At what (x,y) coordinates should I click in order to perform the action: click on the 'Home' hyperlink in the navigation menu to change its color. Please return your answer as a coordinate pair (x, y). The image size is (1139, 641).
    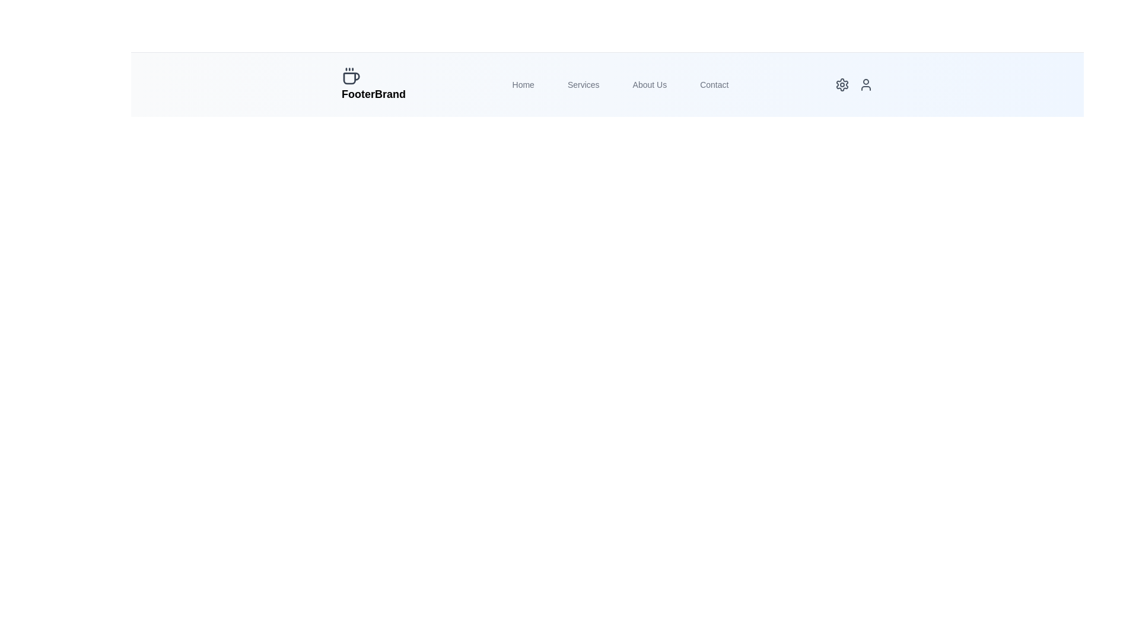
    Looking at the image, I should click on (523, 84).